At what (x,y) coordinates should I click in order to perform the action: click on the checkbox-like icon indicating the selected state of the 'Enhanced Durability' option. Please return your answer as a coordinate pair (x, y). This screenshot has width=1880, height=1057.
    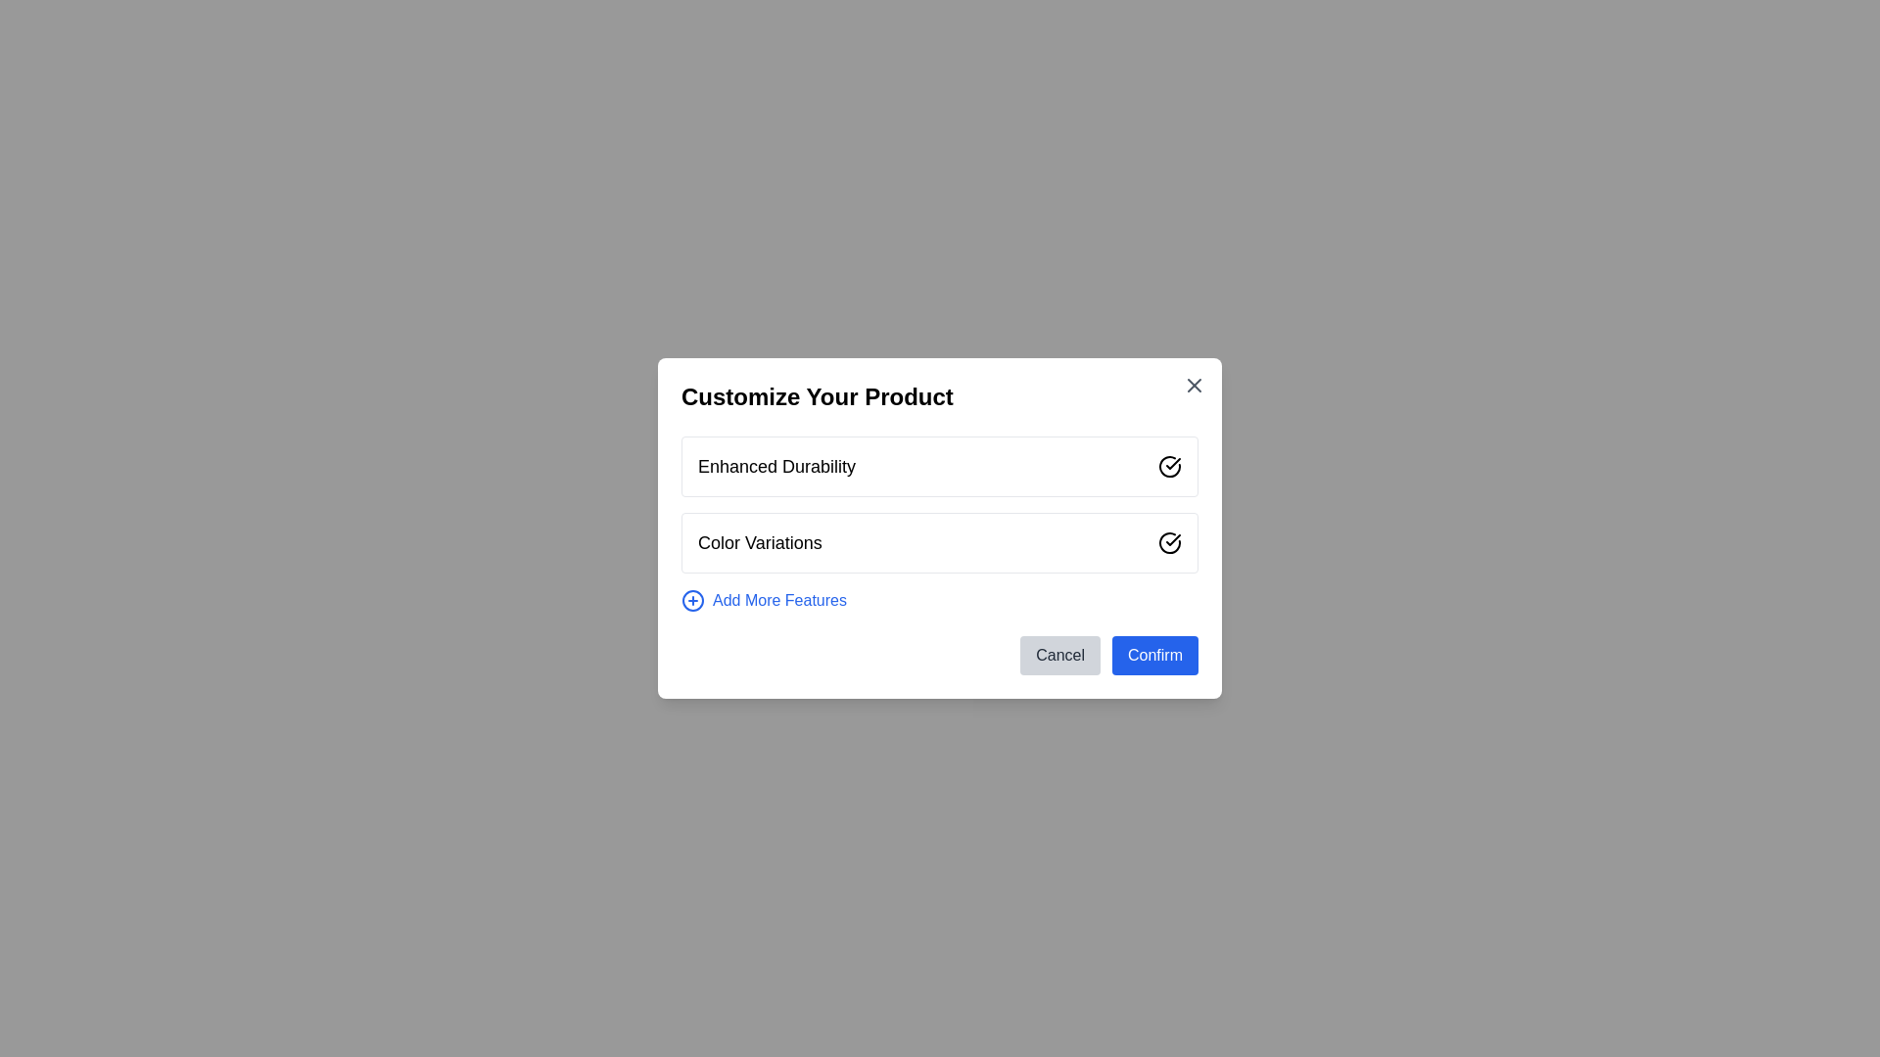
    Looking at the image, I should click on (1170, 467).